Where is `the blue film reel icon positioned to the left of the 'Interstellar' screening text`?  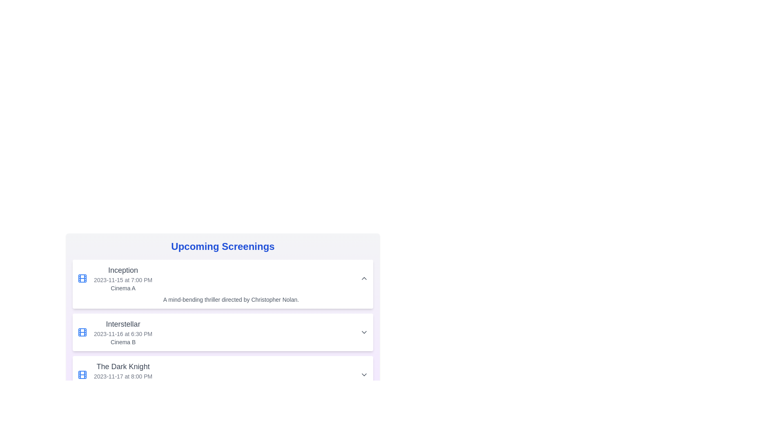
the blue film reel icon positioned to the left of the 'Interstellar' screening text is located at coordinates (82, 332).